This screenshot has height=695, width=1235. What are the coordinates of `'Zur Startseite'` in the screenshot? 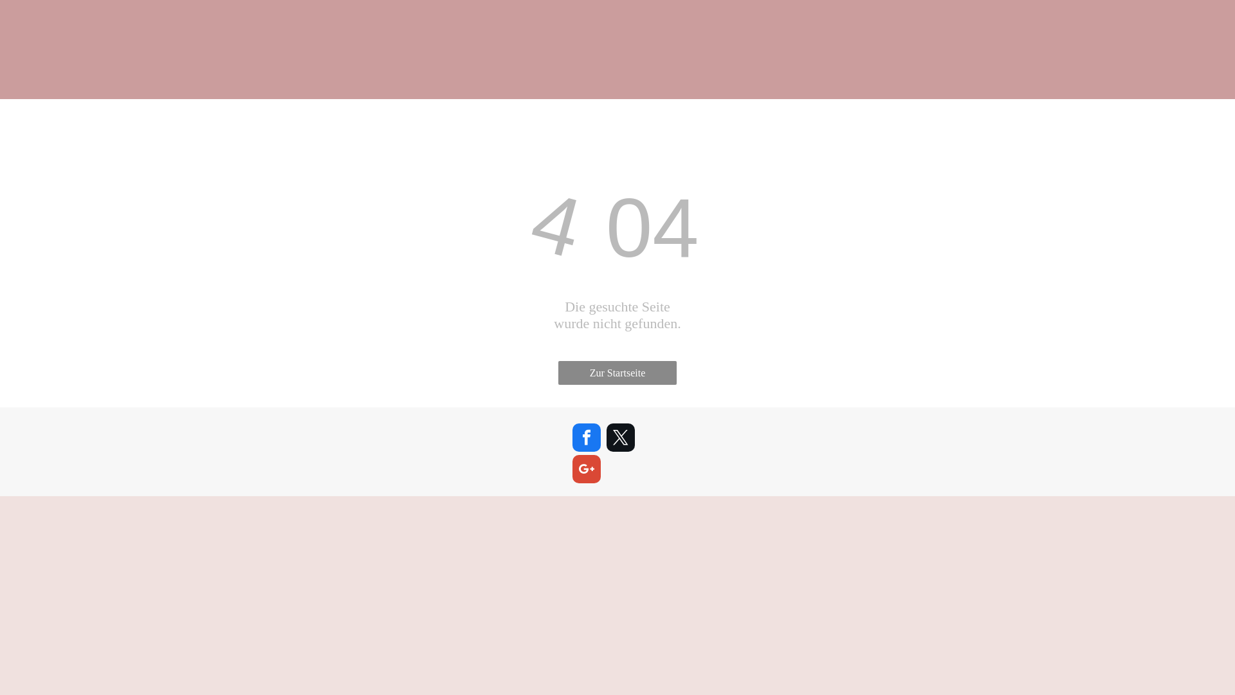 It's located at (558, 373).